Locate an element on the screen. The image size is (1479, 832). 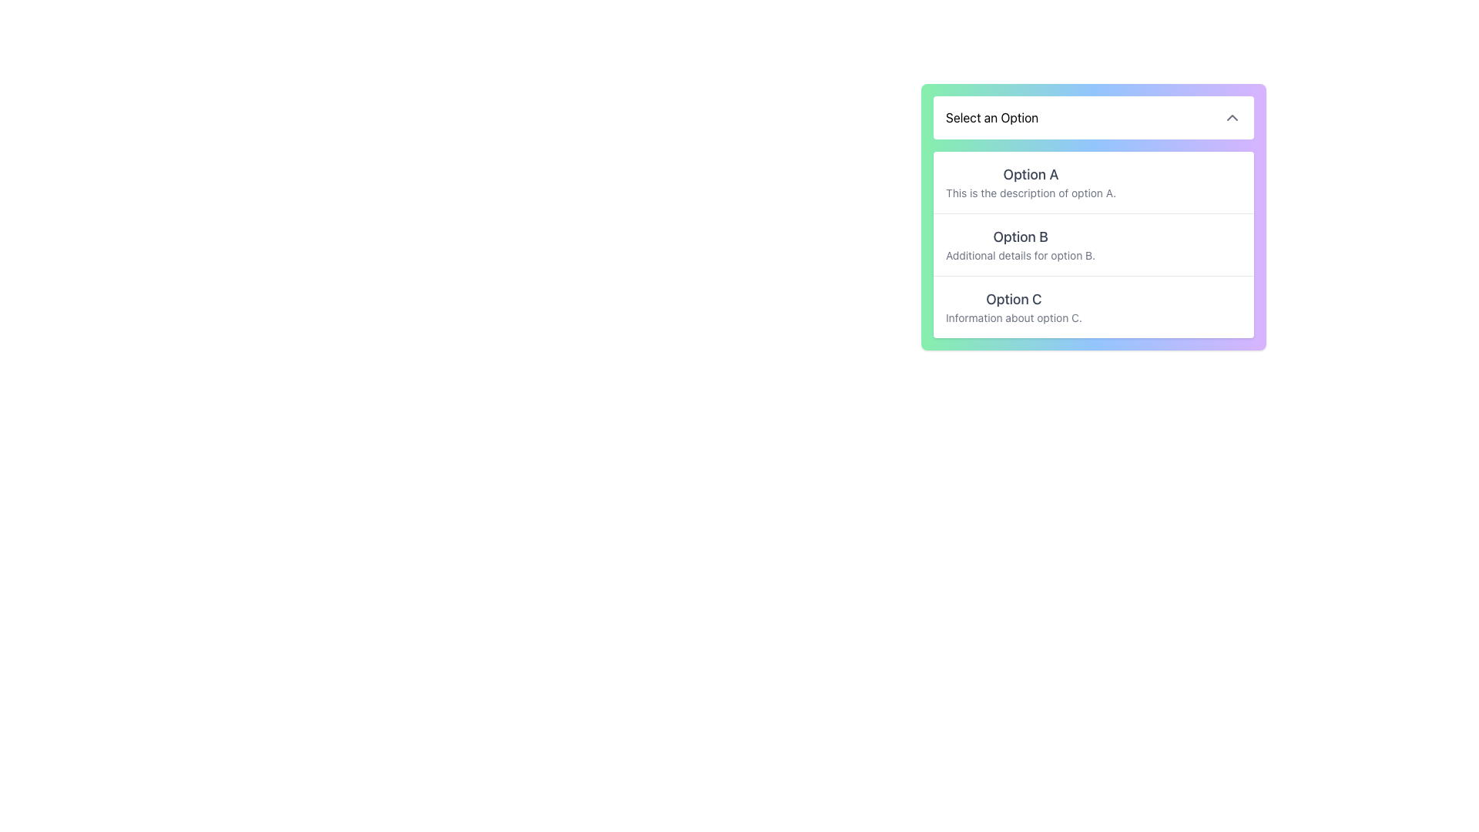
the second selectable option in the dropdown list is located at coordinates (1093, 263).